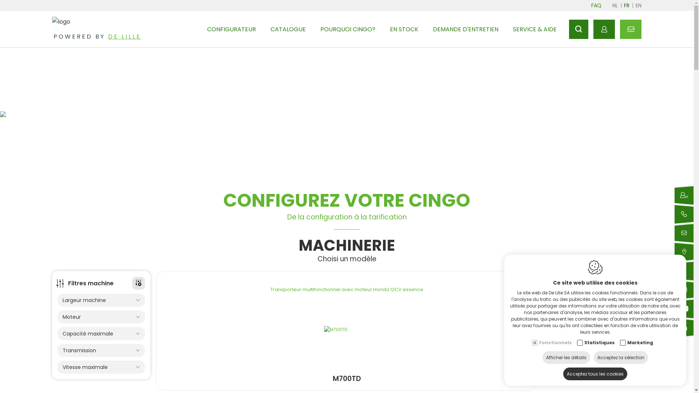  I want to click on 'POWERED BY DE LILLE', so click(52, 36).